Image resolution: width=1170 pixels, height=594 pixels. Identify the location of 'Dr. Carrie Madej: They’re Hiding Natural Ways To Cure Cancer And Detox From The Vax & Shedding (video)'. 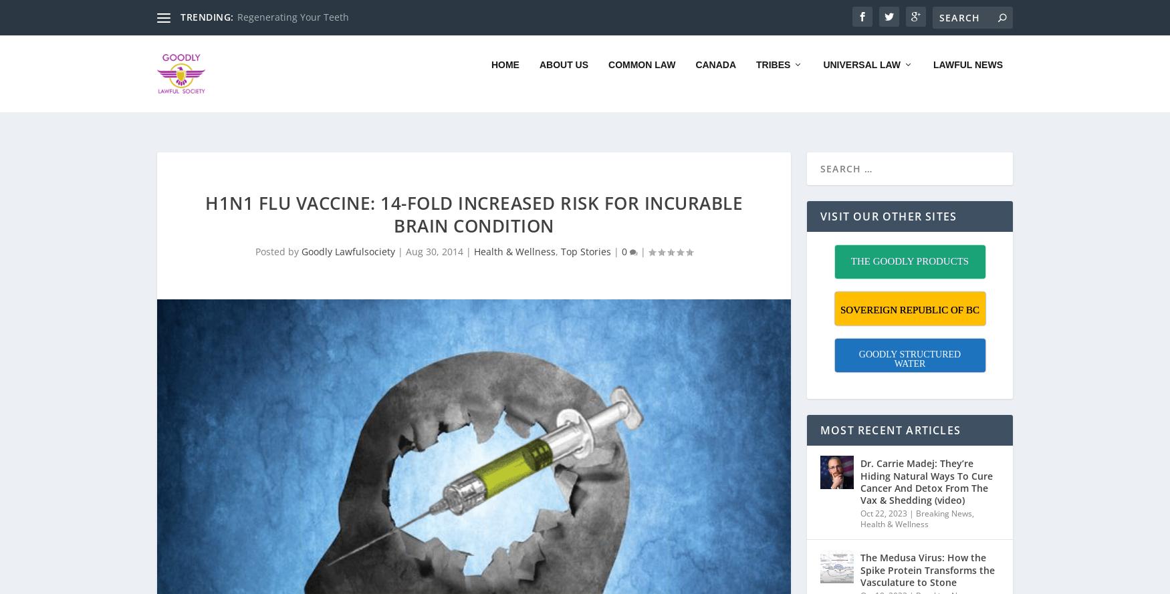
(926, 464).